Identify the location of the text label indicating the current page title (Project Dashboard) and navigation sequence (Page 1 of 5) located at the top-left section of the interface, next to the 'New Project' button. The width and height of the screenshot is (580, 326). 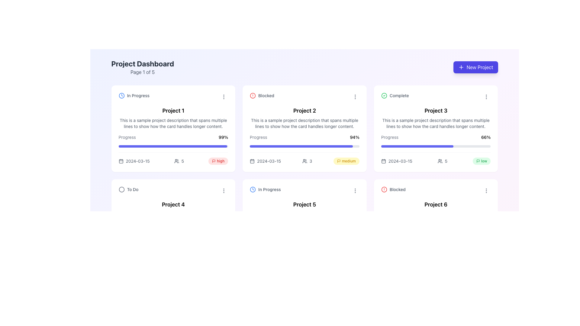
(142, 67).